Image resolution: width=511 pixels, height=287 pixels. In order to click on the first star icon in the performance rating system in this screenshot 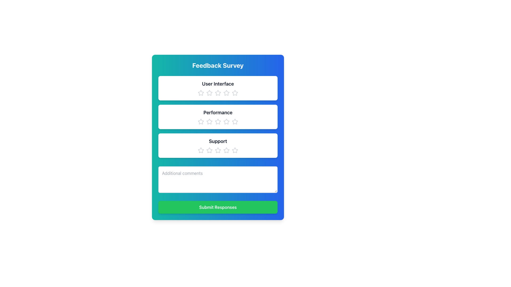, I will do `click(200, 121)`.